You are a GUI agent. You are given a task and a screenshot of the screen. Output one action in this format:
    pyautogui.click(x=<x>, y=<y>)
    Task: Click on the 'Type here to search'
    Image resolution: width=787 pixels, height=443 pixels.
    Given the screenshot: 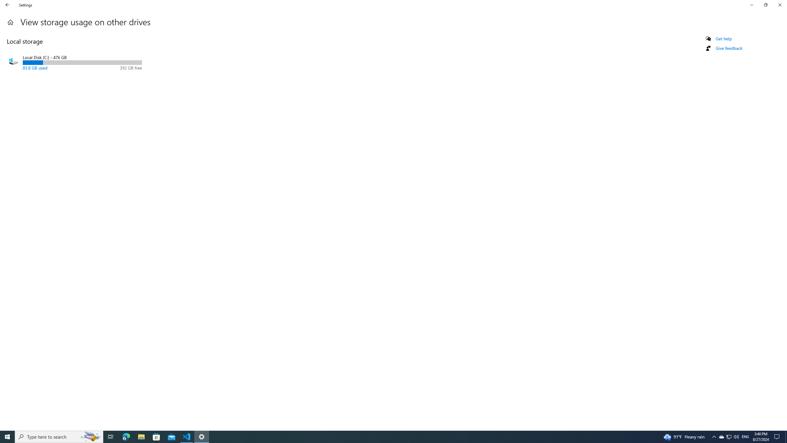 What is the action you would take?
    pyautogui.click(x=59, y=436)
    